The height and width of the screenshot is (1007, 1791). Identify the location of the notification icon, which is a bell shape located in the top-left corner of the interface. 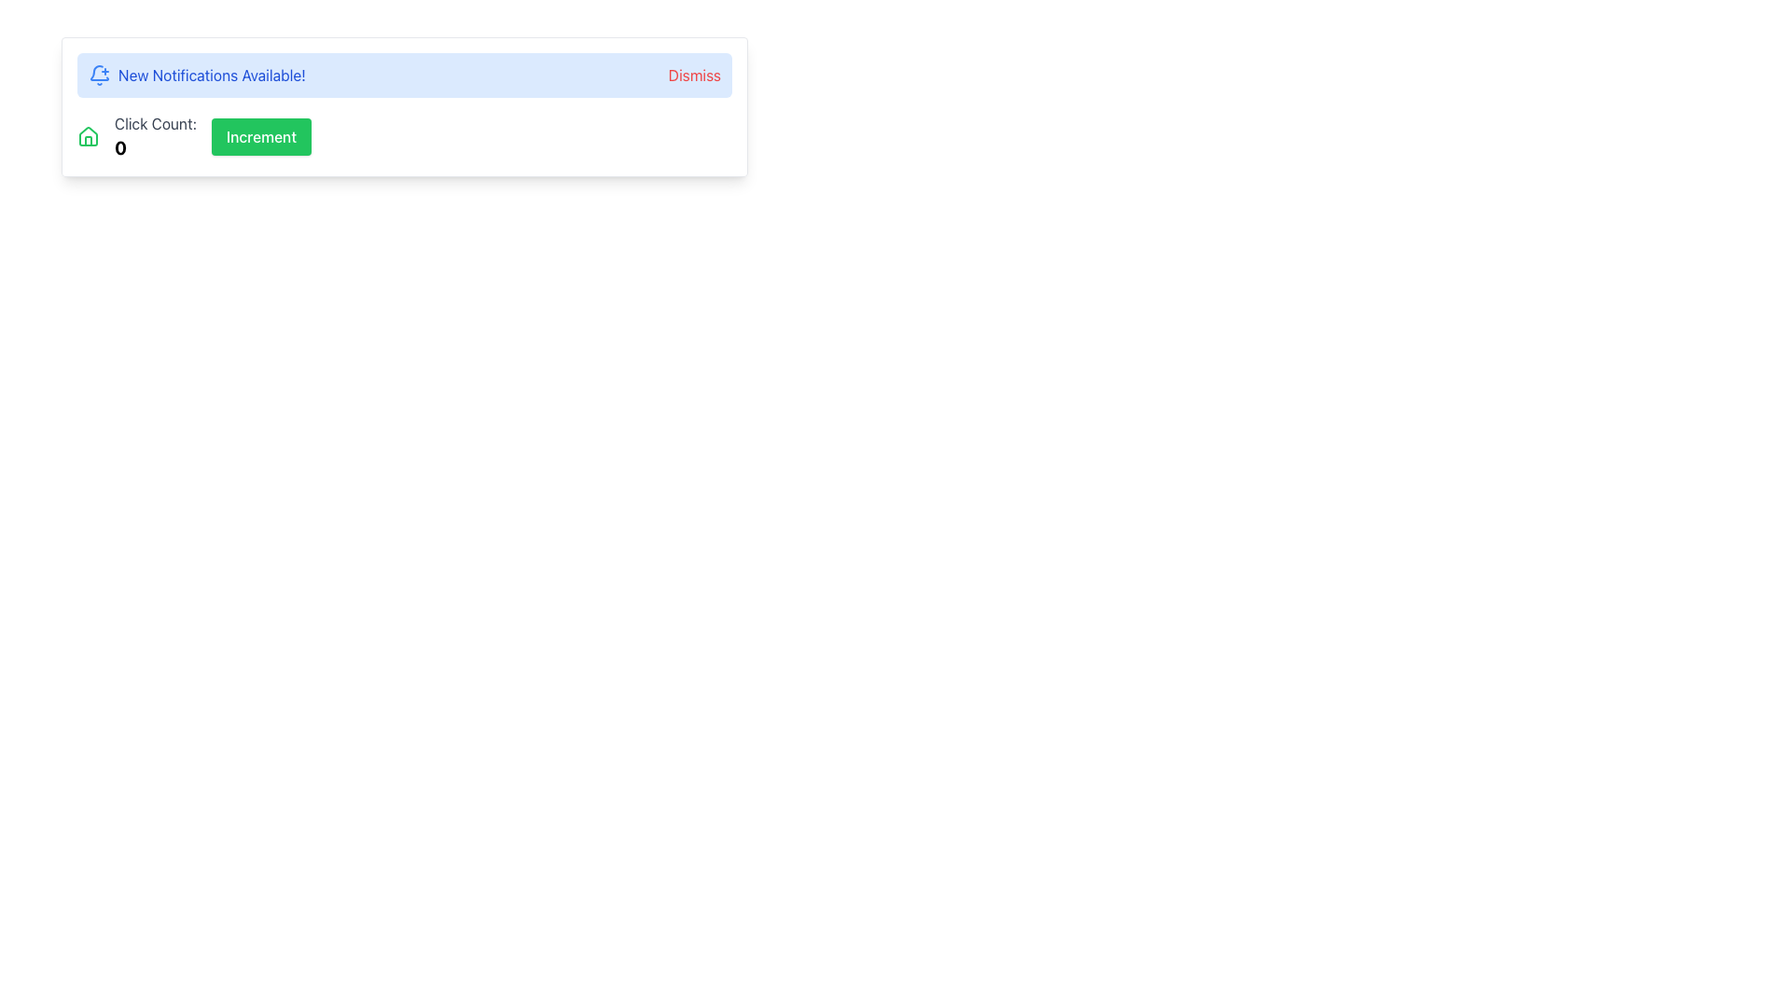
(98, 72).